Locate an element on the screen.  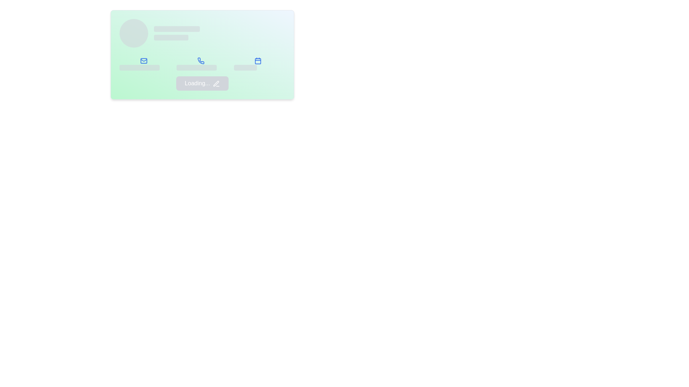
the blue envelope icon element located is located at coordinates (145, 63).